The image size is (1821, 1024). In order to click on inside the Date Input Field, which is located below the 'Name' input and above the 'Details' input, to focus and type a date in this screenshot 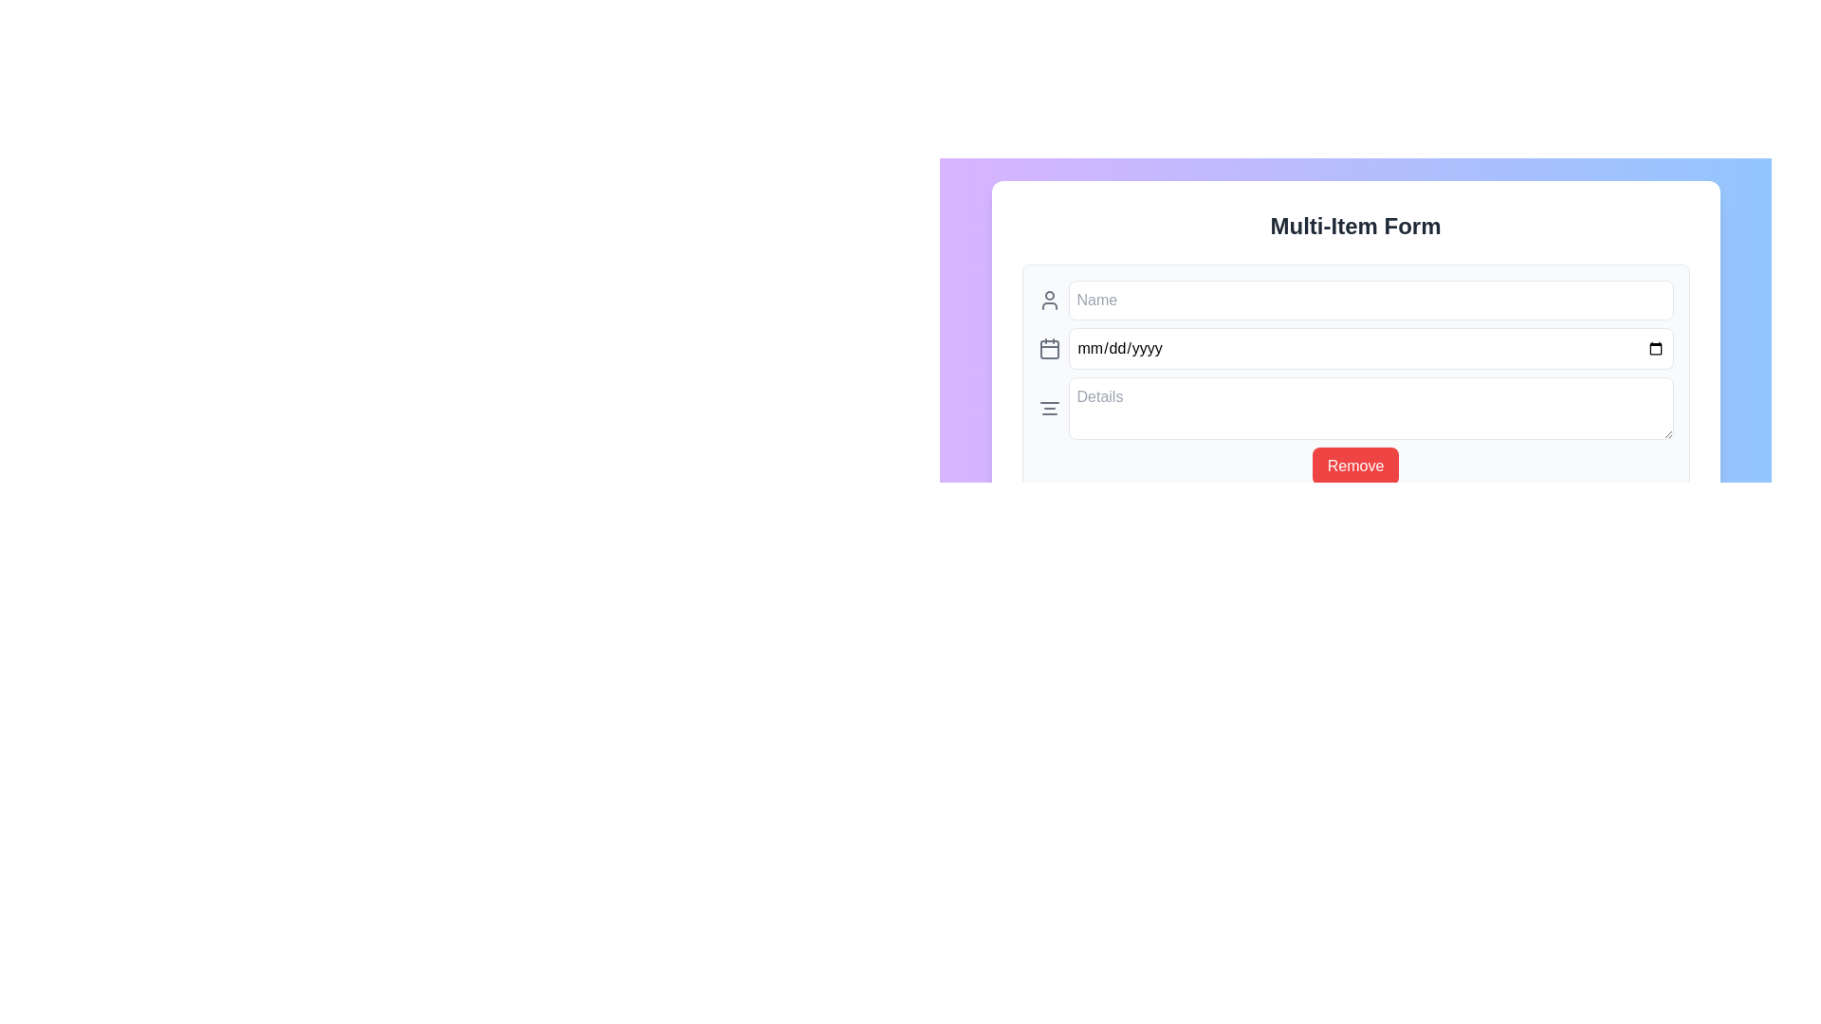, I will do `click(1354, 348)`.